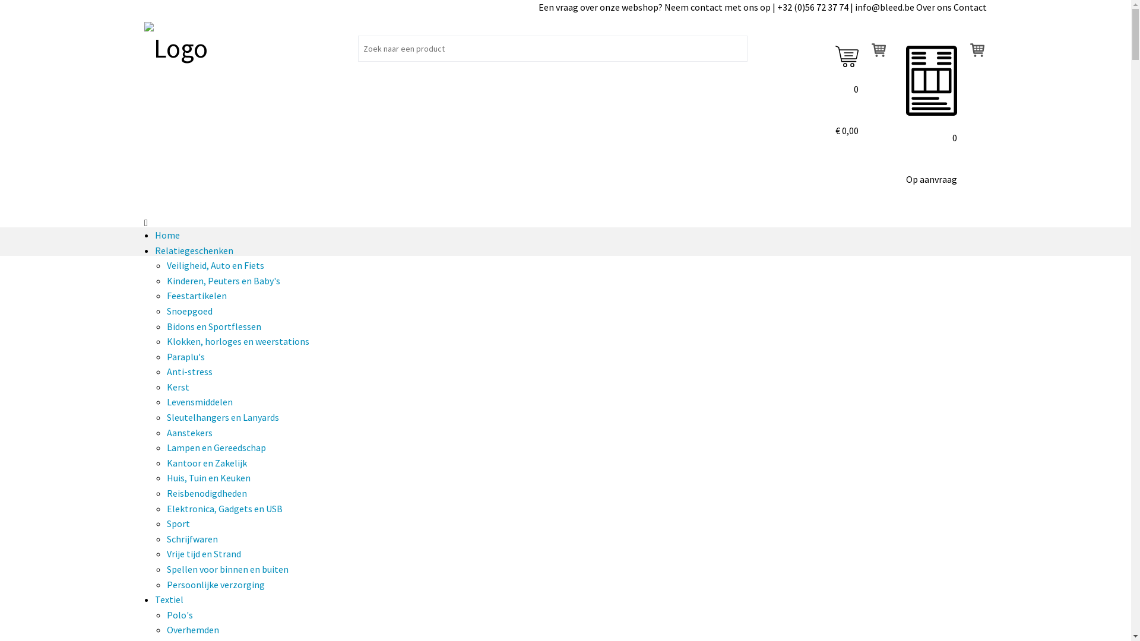 The width and height of the screenshot is (1140, 641). Describe the element at coordinates (167, 235) in the screenshot. I see `'Home'` at that location.